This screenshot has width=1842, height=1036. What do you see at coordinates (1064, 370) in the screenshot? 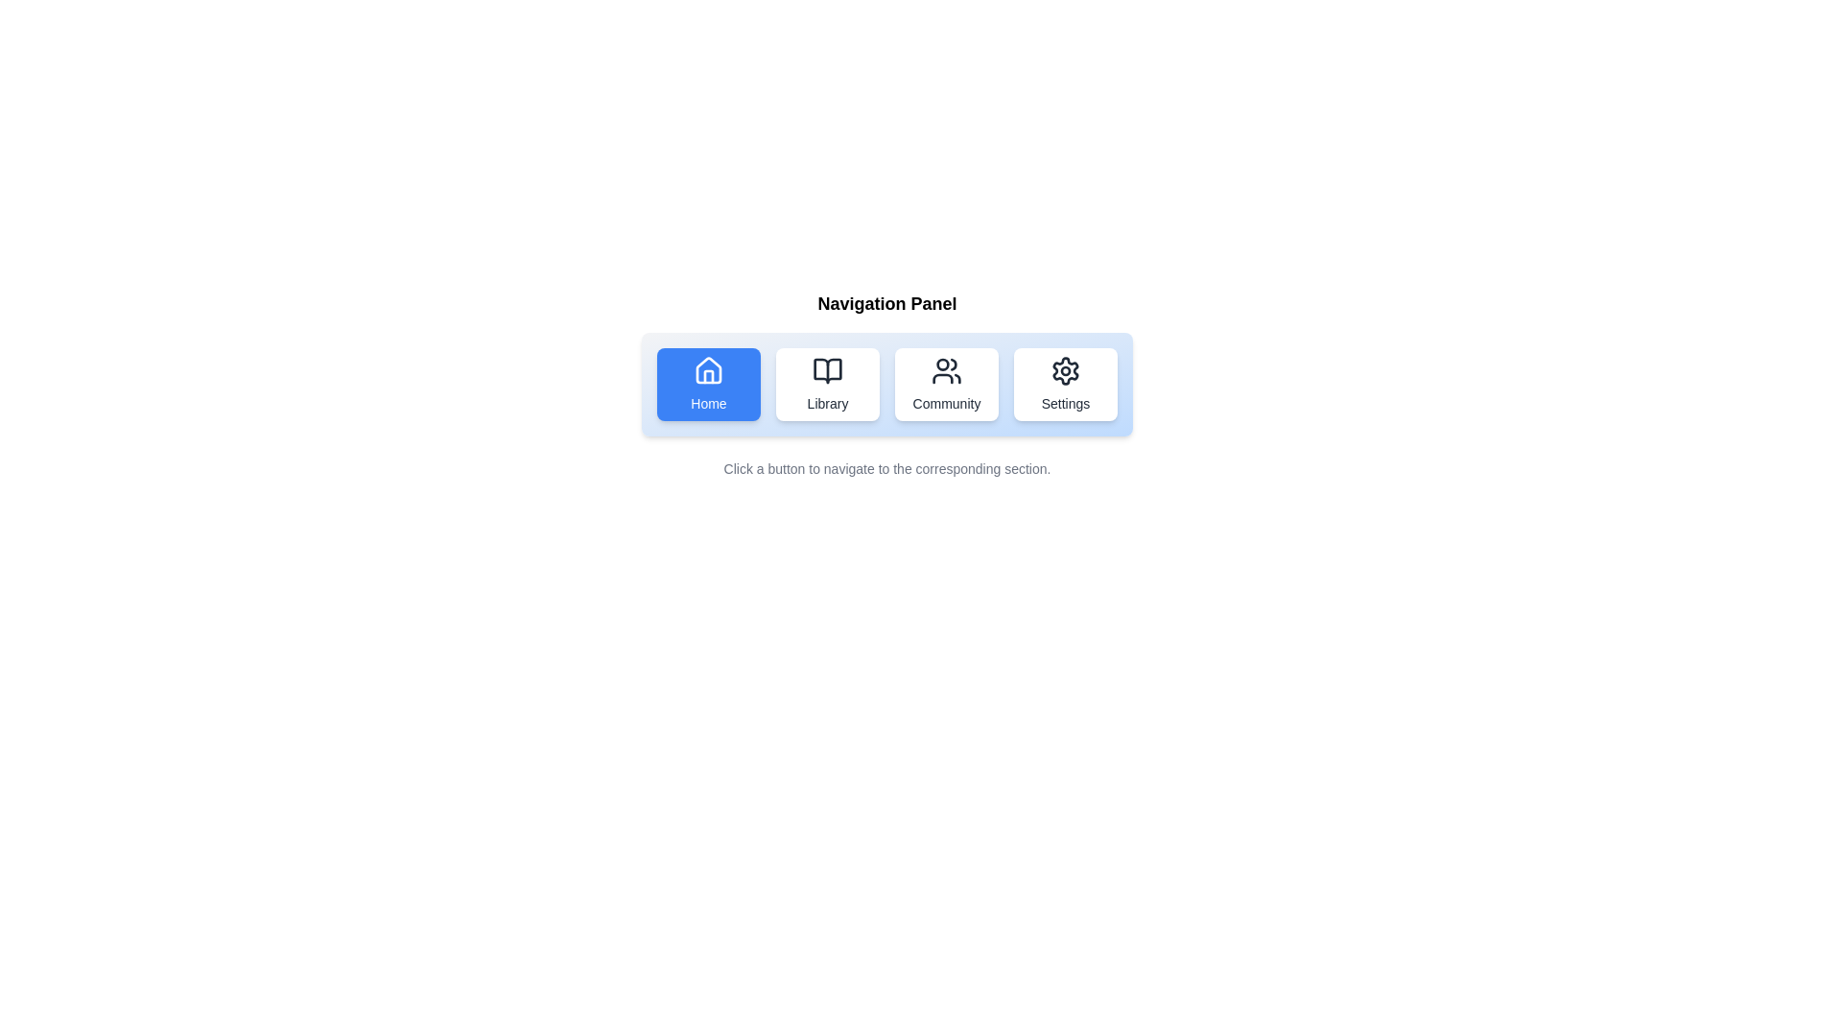
I see `the 'Settings' icon located centrally above the 'Settings' text, which is the last item in a row of four navigational buttons in the navigation panel` at bounding box center [1064, 370].